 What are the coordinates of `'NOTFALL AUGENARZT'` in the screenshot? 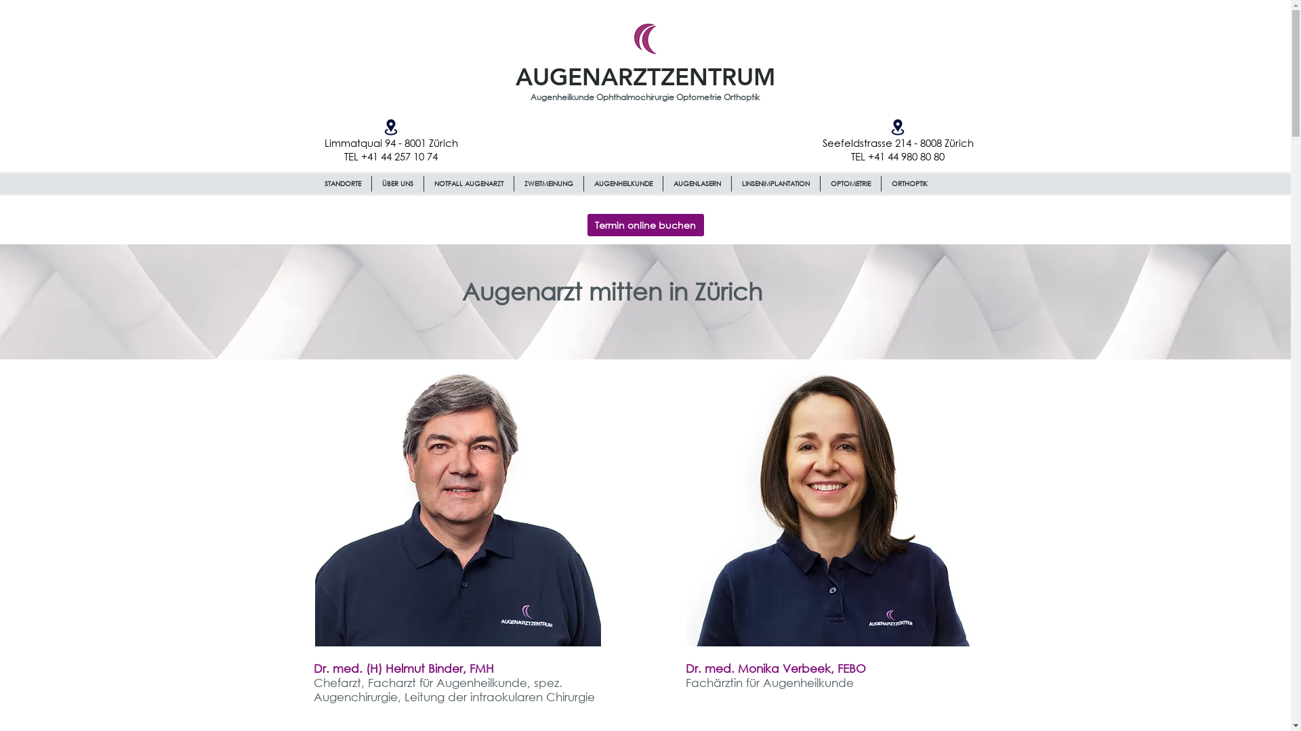 It's located at (468, 183).